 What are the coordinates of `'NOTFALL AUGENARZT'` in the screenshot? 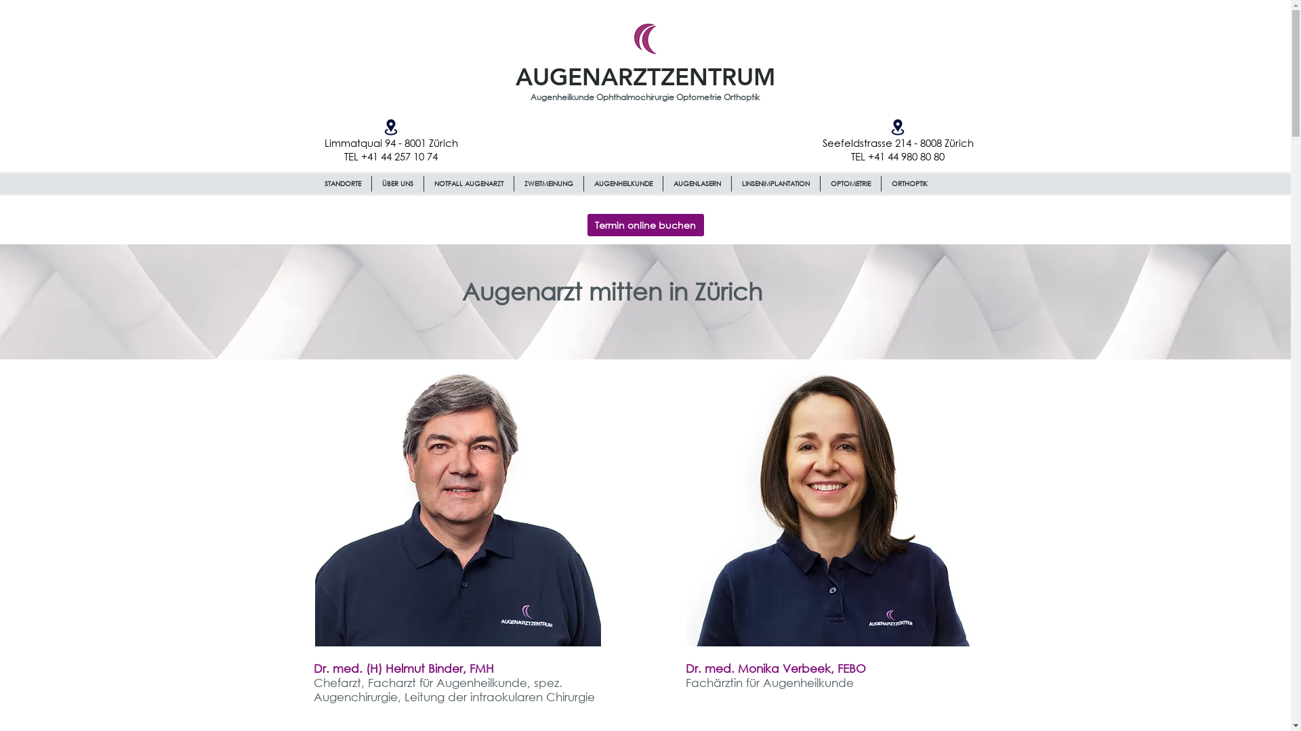 It's located at (468, 183).